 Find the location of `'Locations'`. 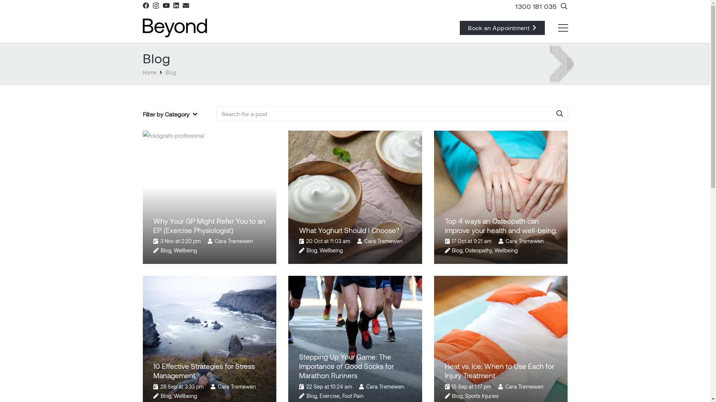

'Locations' is located at coordinates (375, 309).